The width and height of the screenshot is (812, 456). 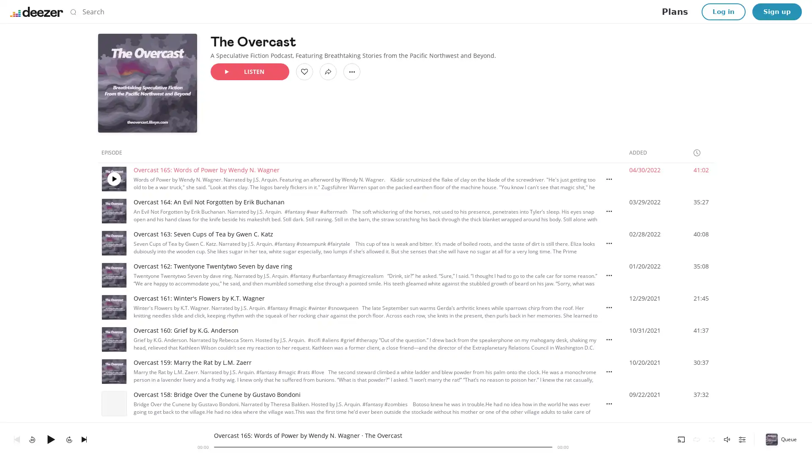 What do you see at coordinates (50, 439) in the screenshot?
I see `Play` at bounding box center [50, 439].